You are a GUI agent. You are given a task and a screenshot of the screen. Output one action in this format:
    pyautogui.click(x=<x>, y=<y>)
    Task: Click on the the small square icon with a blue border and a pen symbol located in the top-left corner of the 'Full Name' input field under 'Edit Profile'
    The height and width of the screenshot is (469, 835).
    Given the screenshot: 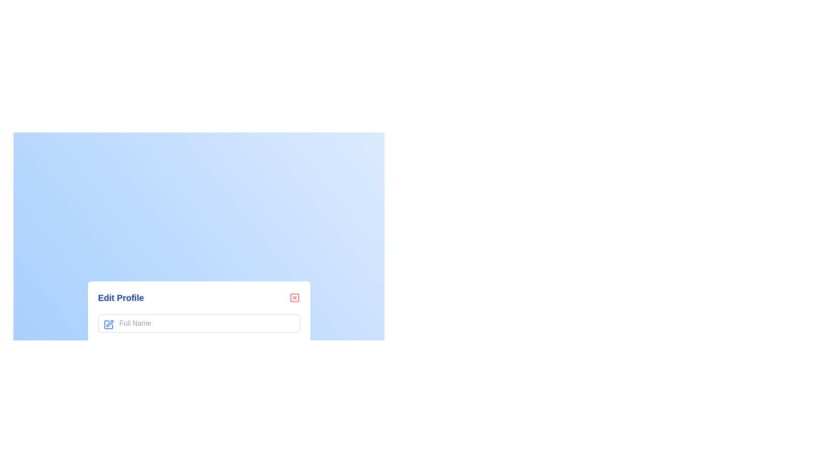 What is the action you would take?
    pyautogui.click(x=108, y=325)
    